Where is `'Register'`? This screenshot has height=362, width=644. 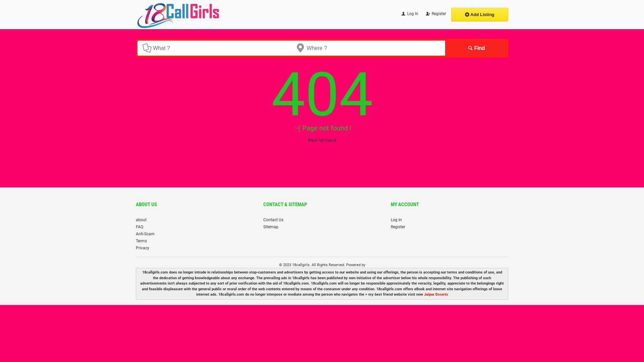 'Register' is located at coordinates (435, 14).